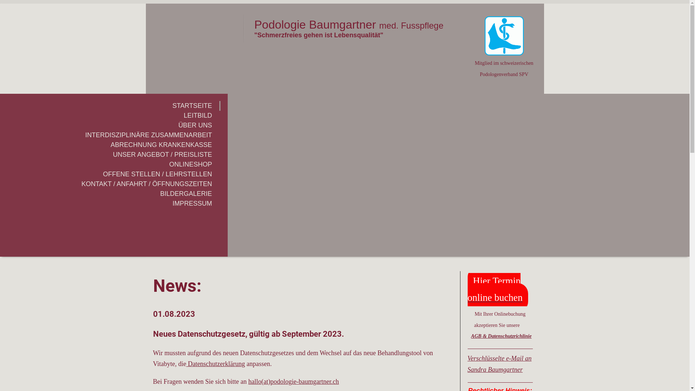 This screenshot has width=695, height=391. I want to click on 'LEITBILD', so click(110, 115).